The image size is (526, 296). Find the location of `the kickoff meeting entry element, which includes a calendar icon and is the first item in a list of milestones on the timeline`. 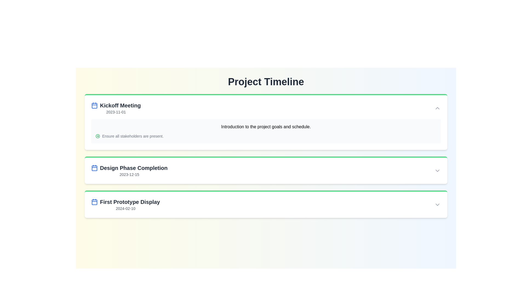

the kickoff meeting entry element, which includes a calendar icon and is the first item in a list of milestones on the timeline is located at coordinates (116, 106).